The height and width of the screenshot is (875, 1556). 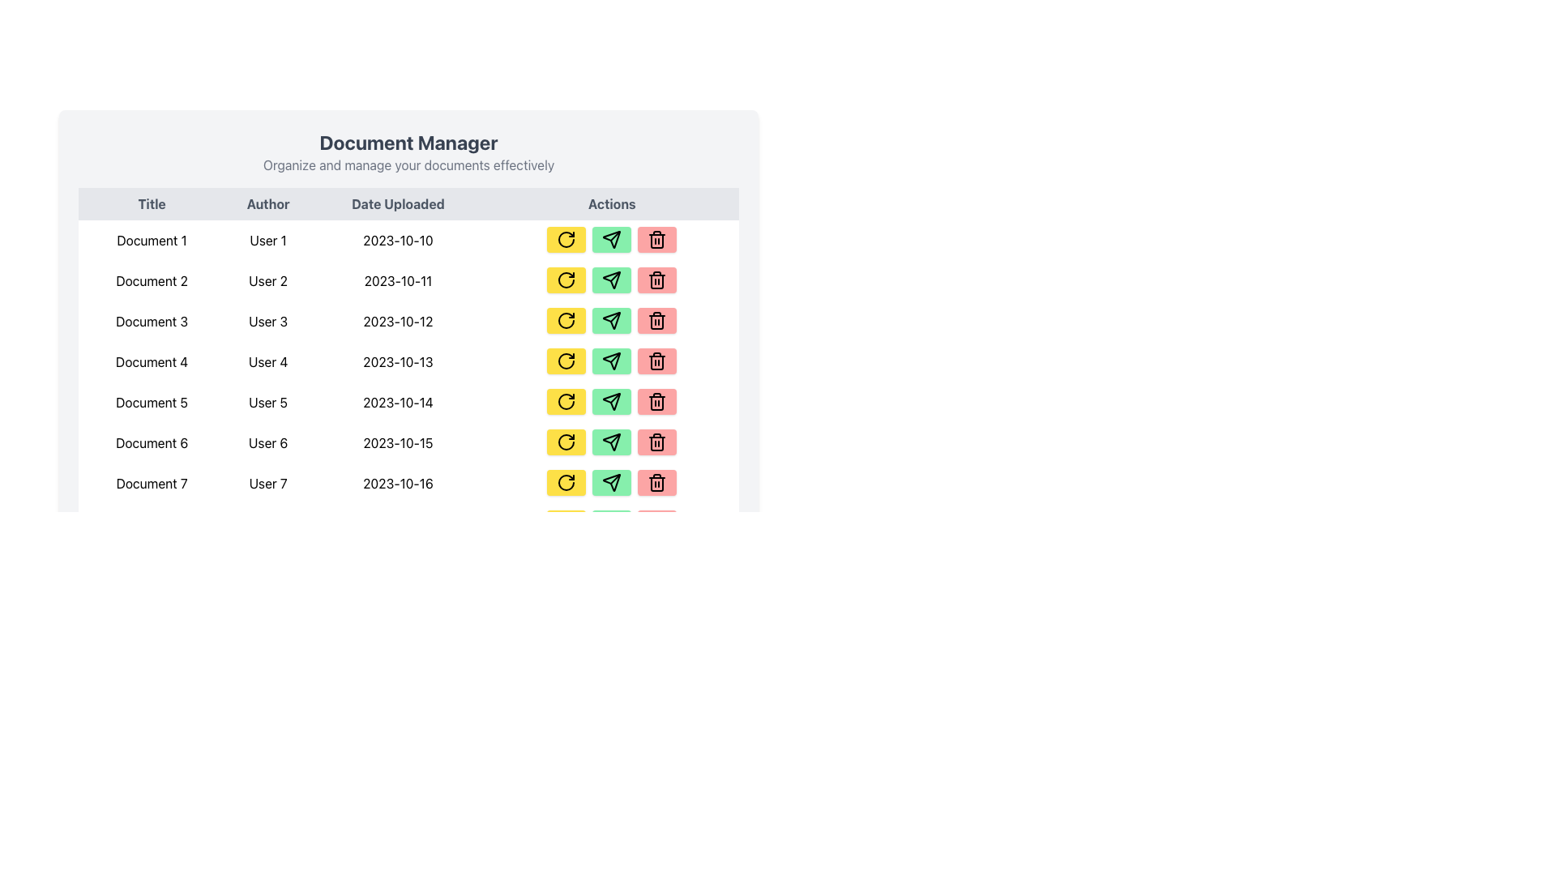 I want to click on the refresh button located to the right of 'Document 7' in the 'Actions' column to reload the document's status or data, so click(x=566, y=685).